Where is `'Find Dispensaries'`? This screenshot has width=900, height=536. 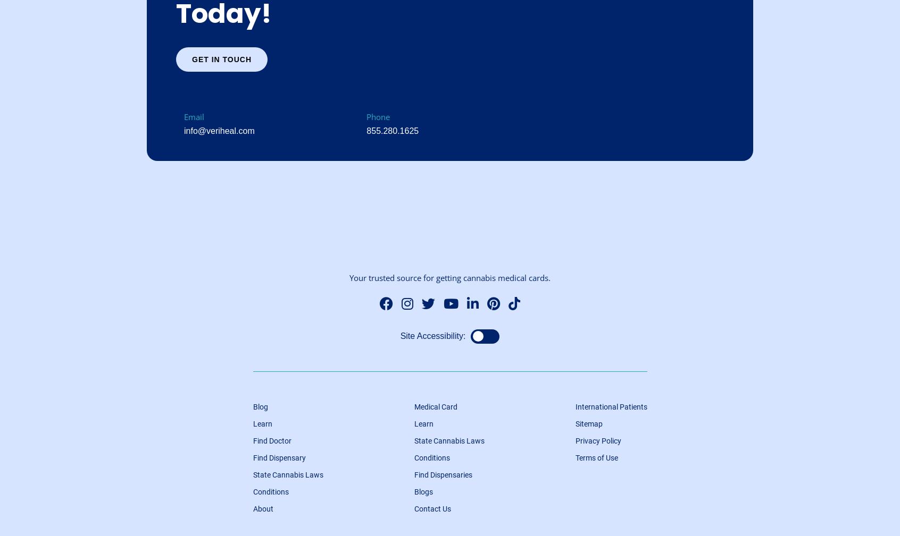 'Find Dispensaries' is located at coordinates (443, 474).